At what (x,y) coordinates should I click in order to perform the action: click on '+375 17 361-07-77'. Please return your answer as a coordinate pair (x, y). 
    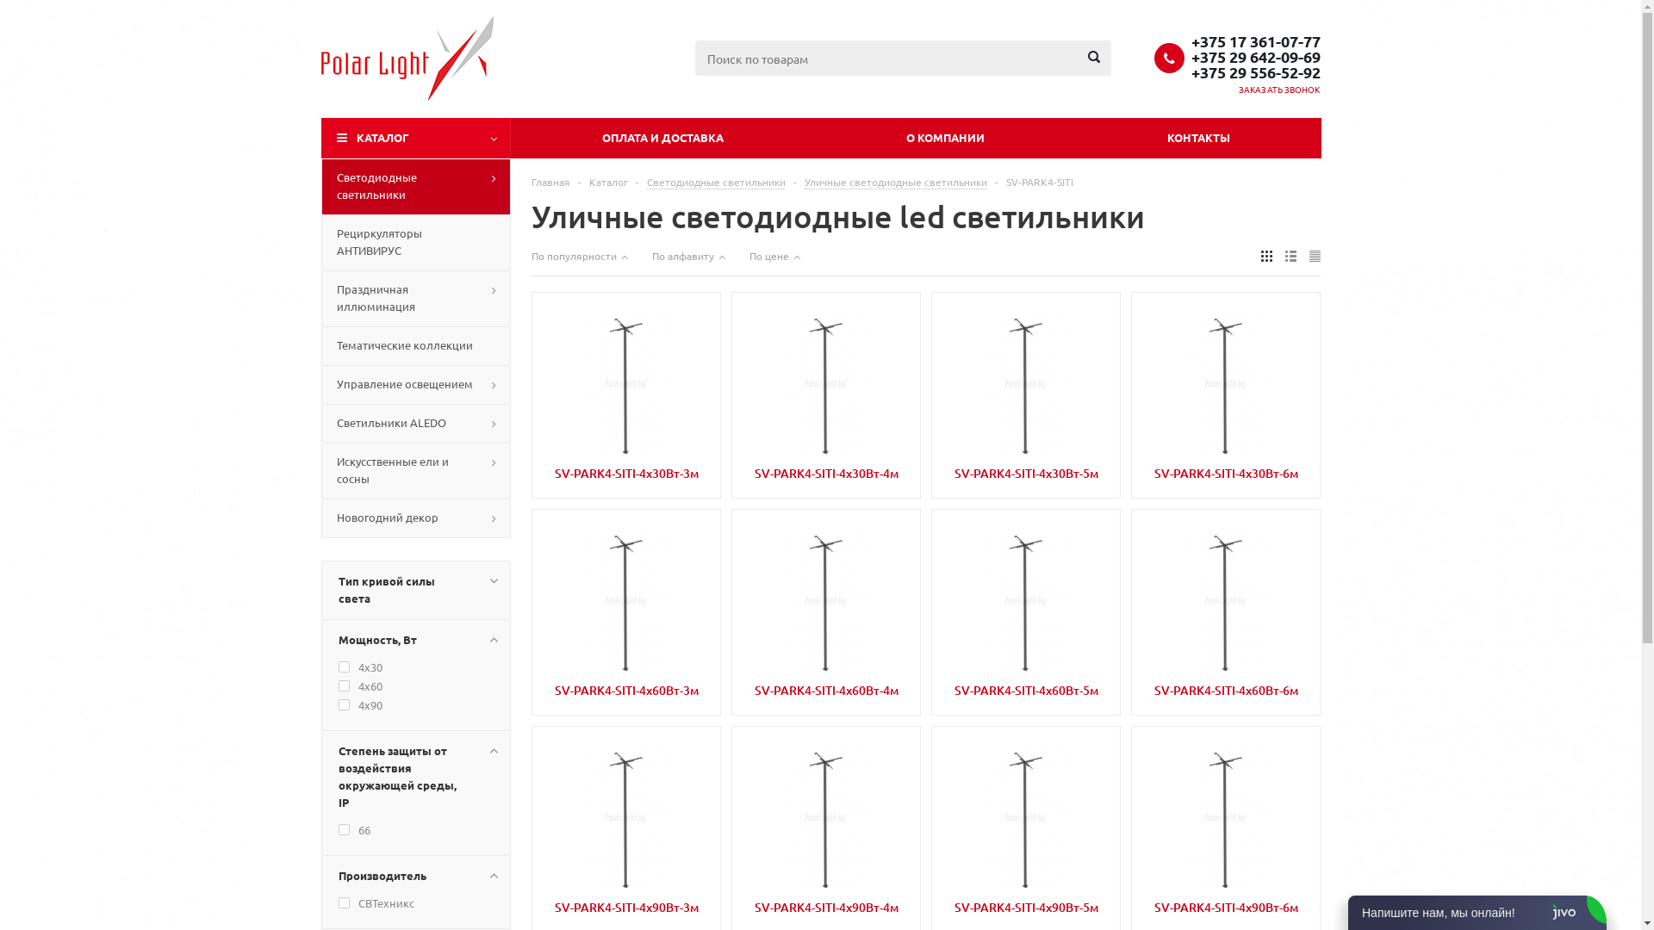
    Looking at the image, I should click on (1255, 39).